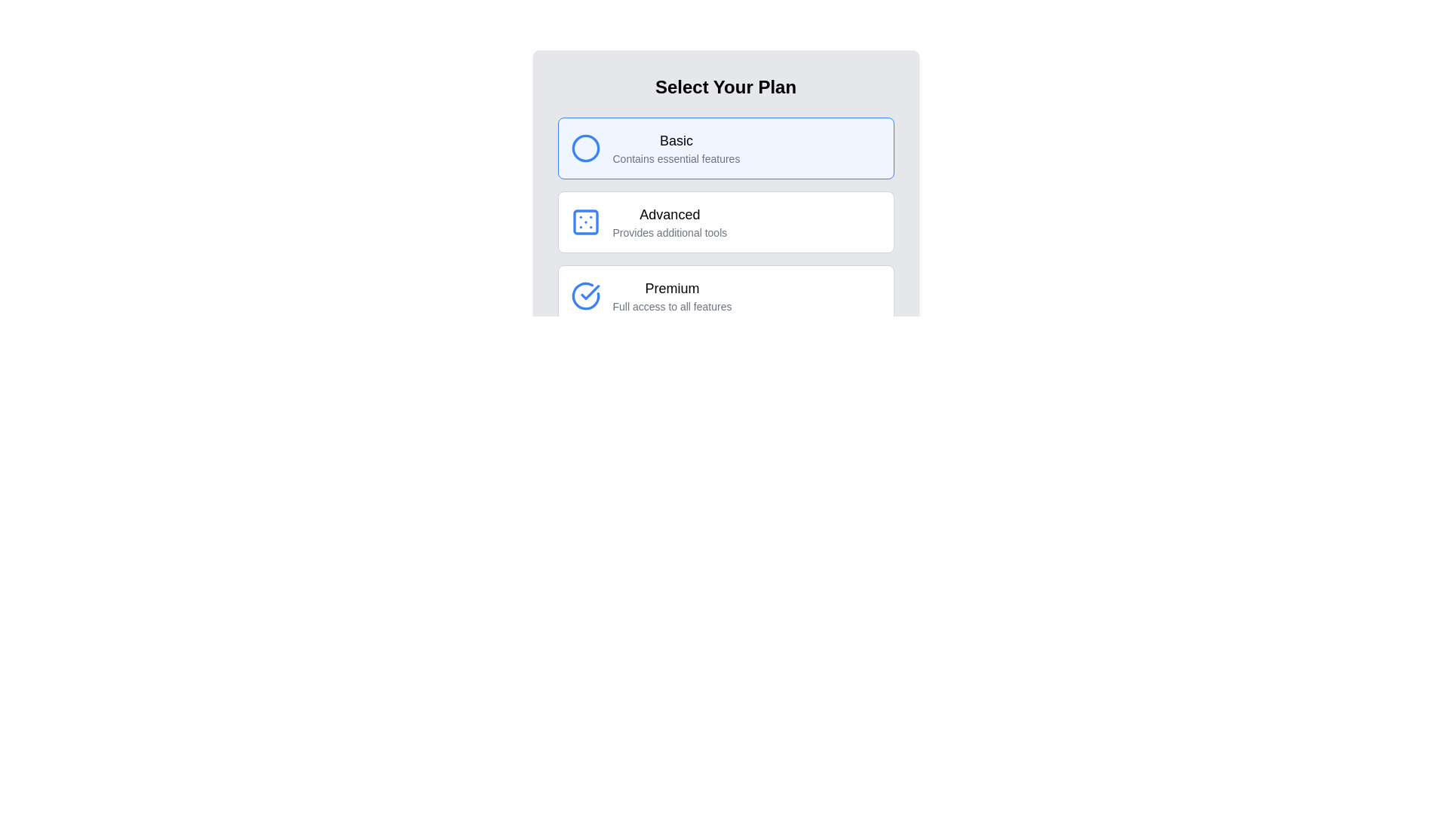  What do you see at coordinates (676, 148) in the screenshot?
I see `the 'Basic' text label which is displayed in bold above the description 'Contains essential features' within a card-like layout on a light blue background` at bounding box center [676, 148].